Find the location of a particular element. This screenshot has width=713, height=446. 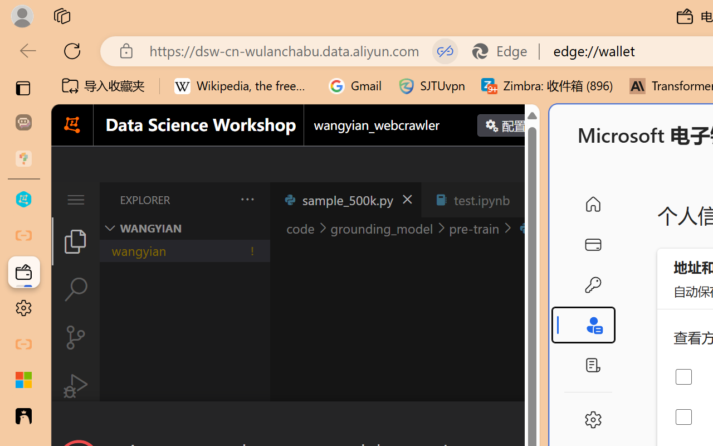

'Close Dialog' is located at coordinates (535, 421).